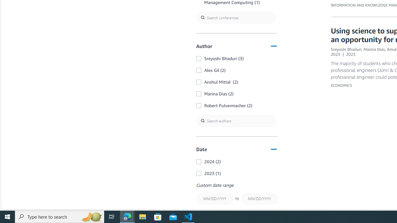  Describe the element at coordinates (236, 194) in the screenshot. I see `'Custom date rangeTO'` at that location.